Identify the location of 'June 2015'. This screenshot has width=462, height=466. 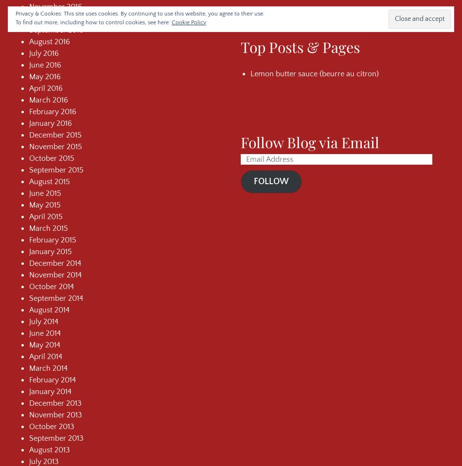
(45, 193).